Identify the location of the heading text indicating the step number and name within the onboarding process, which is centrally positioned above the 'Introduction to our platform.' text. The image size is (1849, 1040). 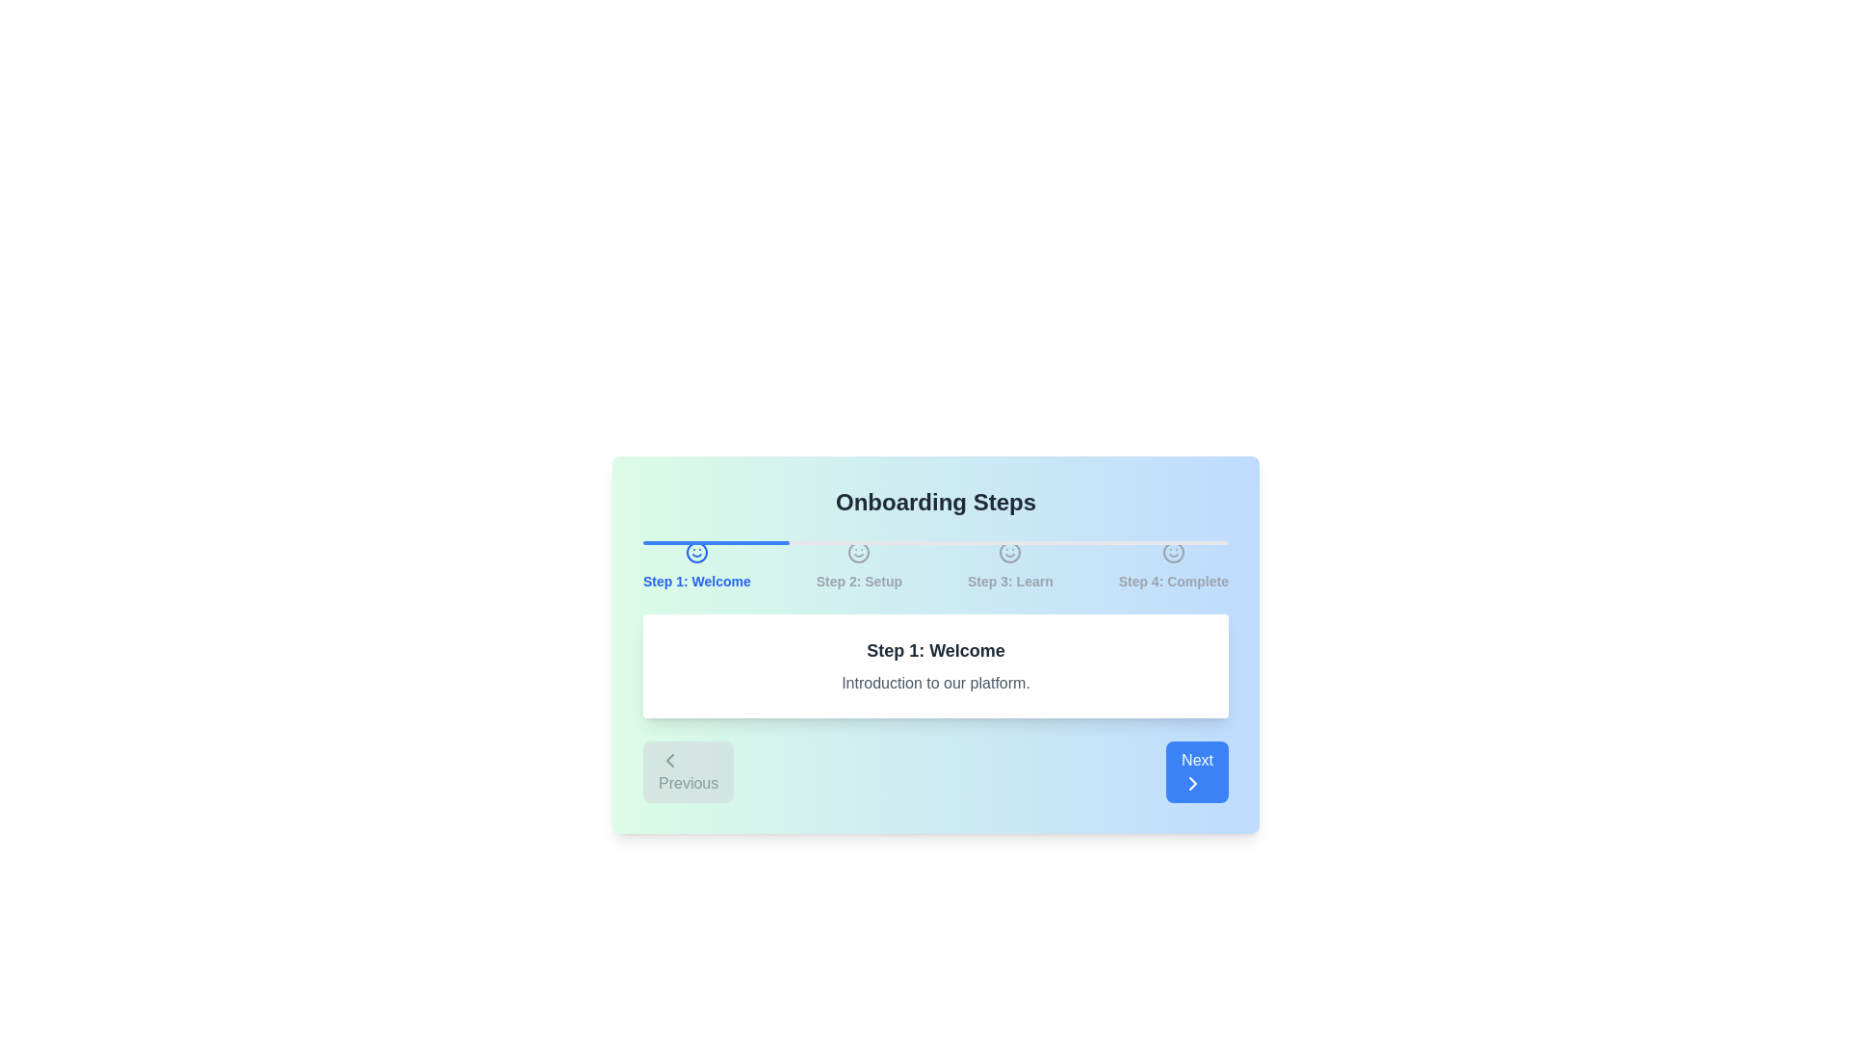
(935, 650).